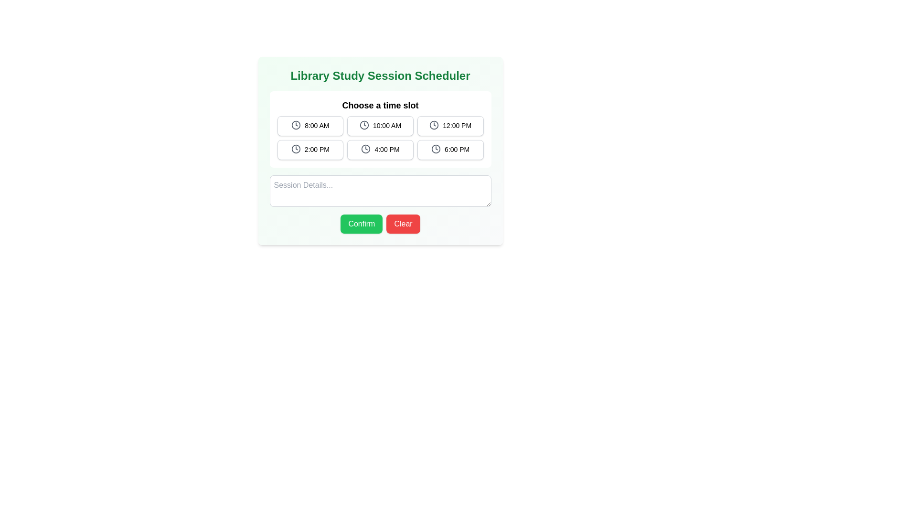 The image size is (917, 516). What do you see at coordinates (363, 125) in the screenshot?
I see `the clock icon with a circular outline, featuring a hand pointing to 12 and another to 4, located within the '10:00 AM' time slot button` at bounding box center [363, 125].